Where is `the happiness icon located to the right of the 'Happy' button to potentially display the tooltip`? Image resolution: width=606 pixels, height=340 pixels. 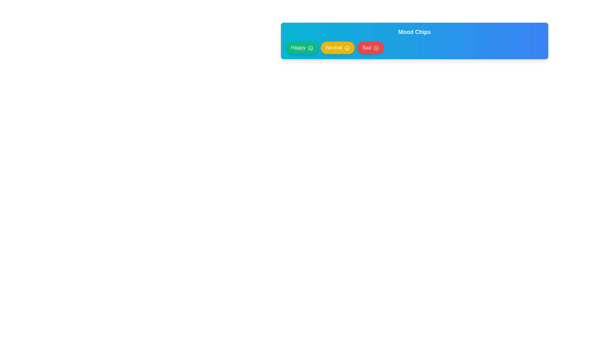
the happiness icon located to the right of the 'Happy' button to potentially display the tooltip is located at coordinates (311, 48).